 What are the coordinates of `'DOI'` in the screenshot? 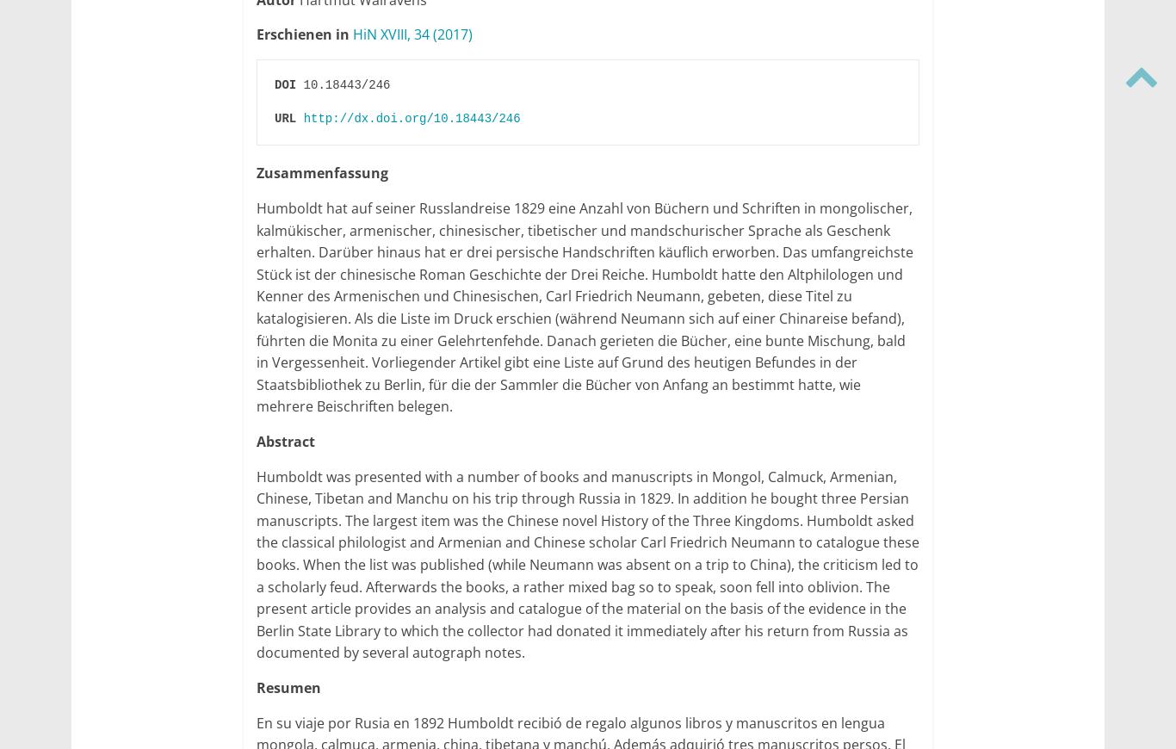 It's located at (285, 83).